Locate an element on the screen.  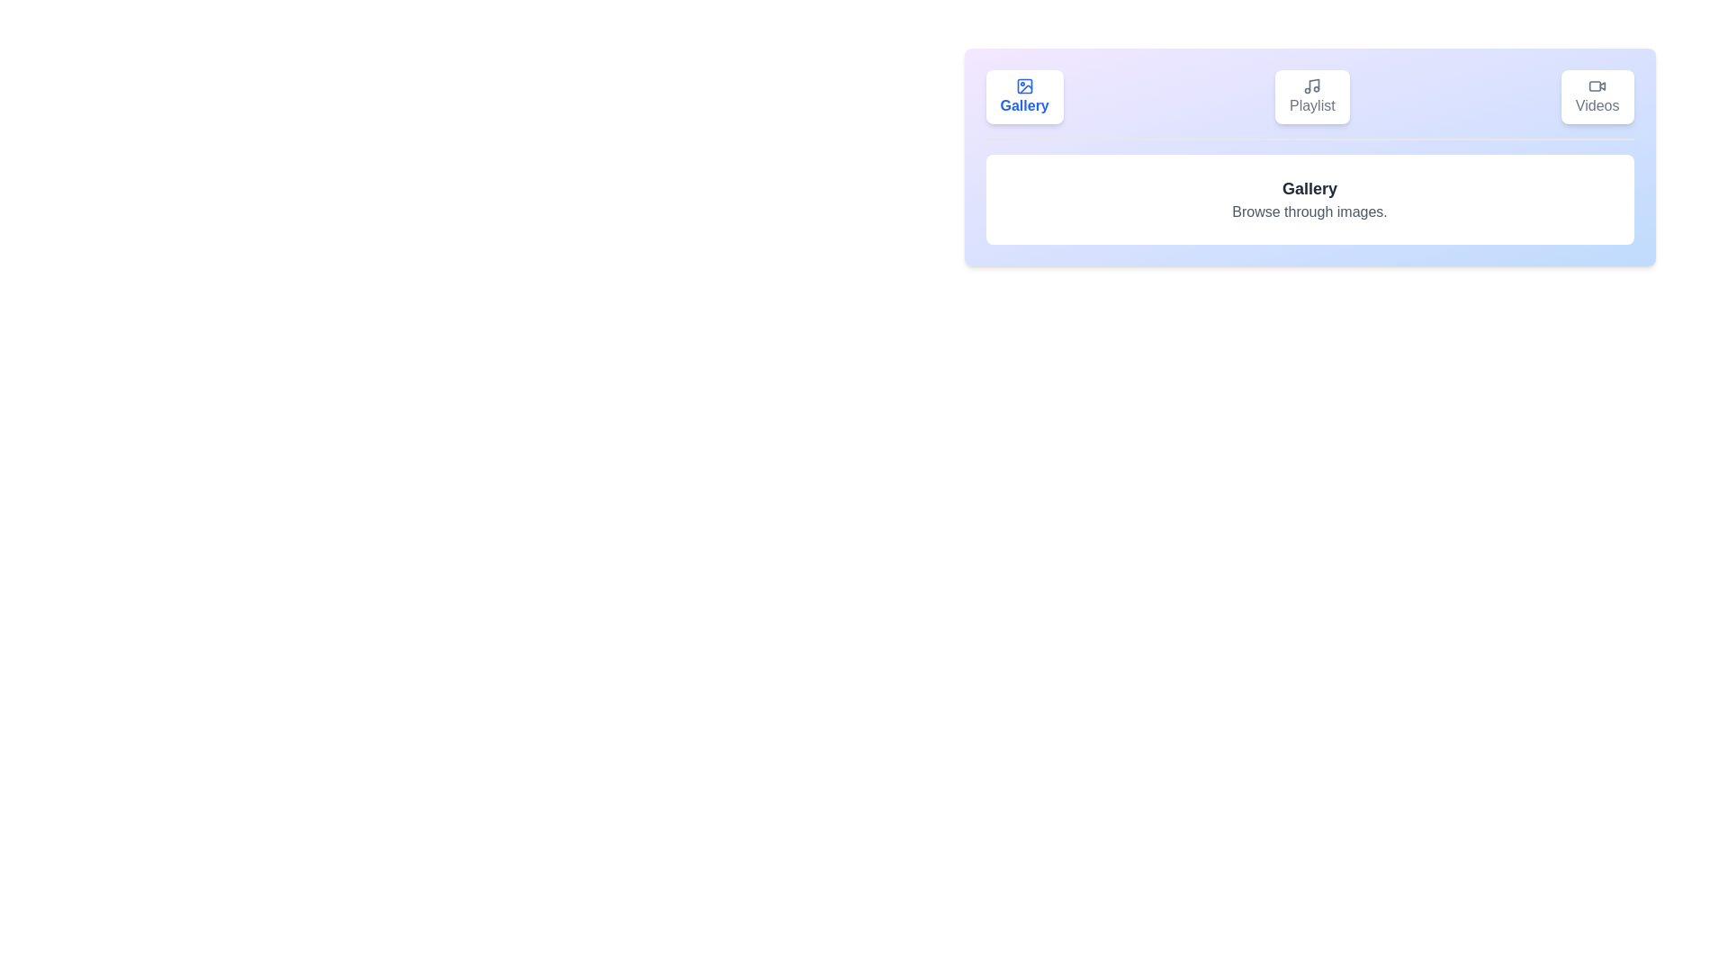
the Gallery button to observe its hover effect is located at coordinates (1024, 97).